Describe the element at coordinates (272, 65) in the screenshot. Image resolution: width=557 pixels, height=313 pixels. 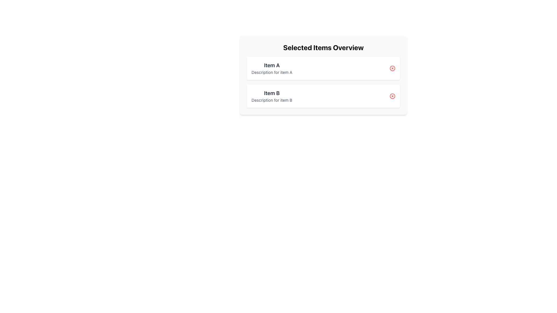
I see `text label located in the top-left corner of the white card within the 'Selected Items Overview' section, which serves as a title or identifier for the associated description below it` at that location.